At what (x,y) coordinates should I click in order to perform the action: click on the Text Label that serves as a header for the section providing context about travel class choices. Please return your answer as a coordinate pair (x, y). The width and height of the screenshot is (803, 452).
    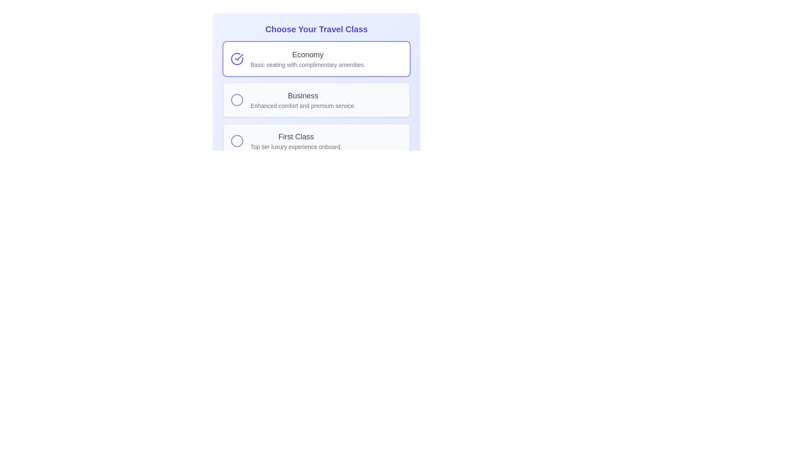
    Looking at the image, I should click on (316, 28).